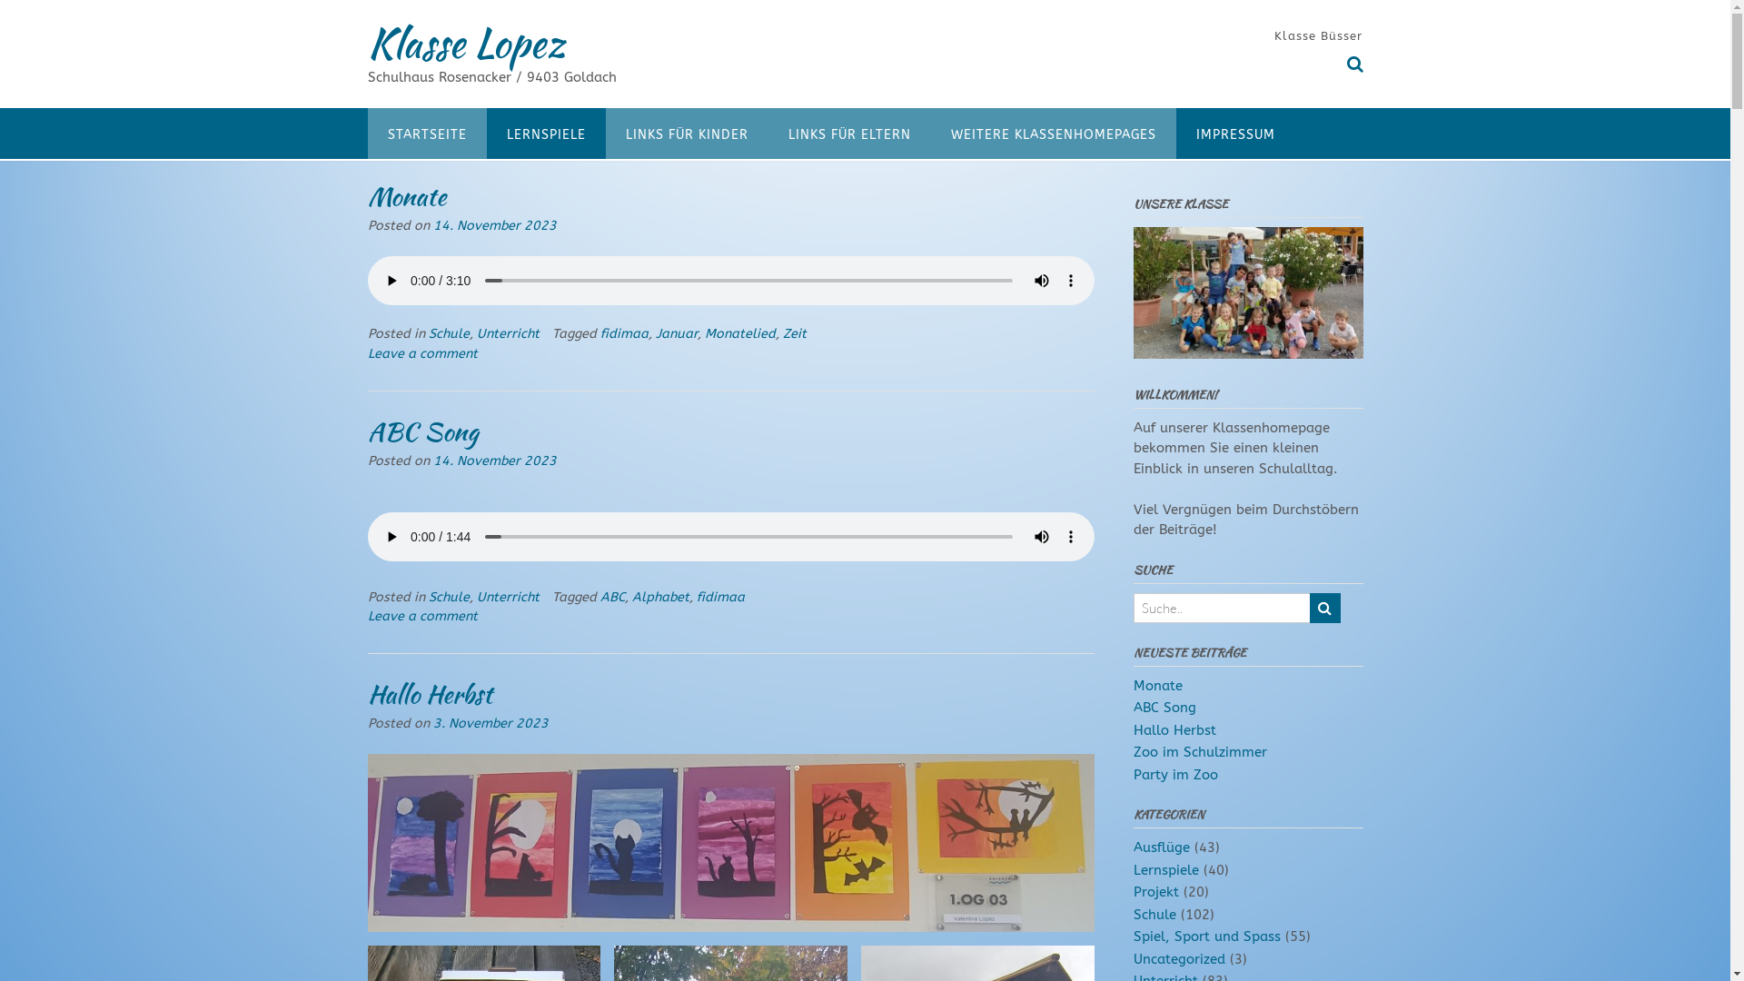 The width and height of the screenshot is (1744, 981). Describe the element at coordinates (365, 431) in the screenshot. I see `'ABC Song'` at that location.